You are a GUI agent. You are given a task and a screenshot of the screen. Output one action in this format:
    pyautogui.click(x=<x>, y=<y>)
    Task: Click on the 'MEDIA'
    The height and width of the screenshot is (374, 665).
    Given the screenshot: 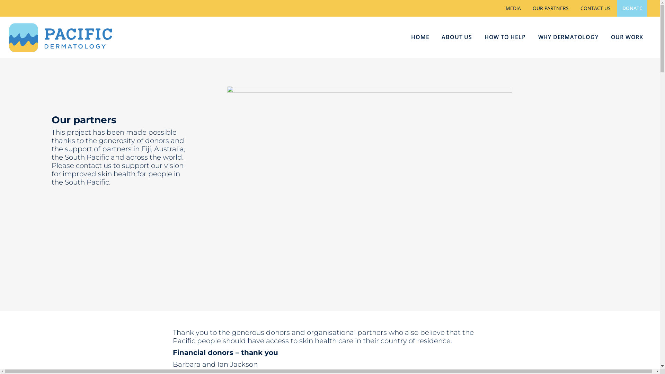 What is the action you would take?
    pyautogui.click(x=513, y=8)
    